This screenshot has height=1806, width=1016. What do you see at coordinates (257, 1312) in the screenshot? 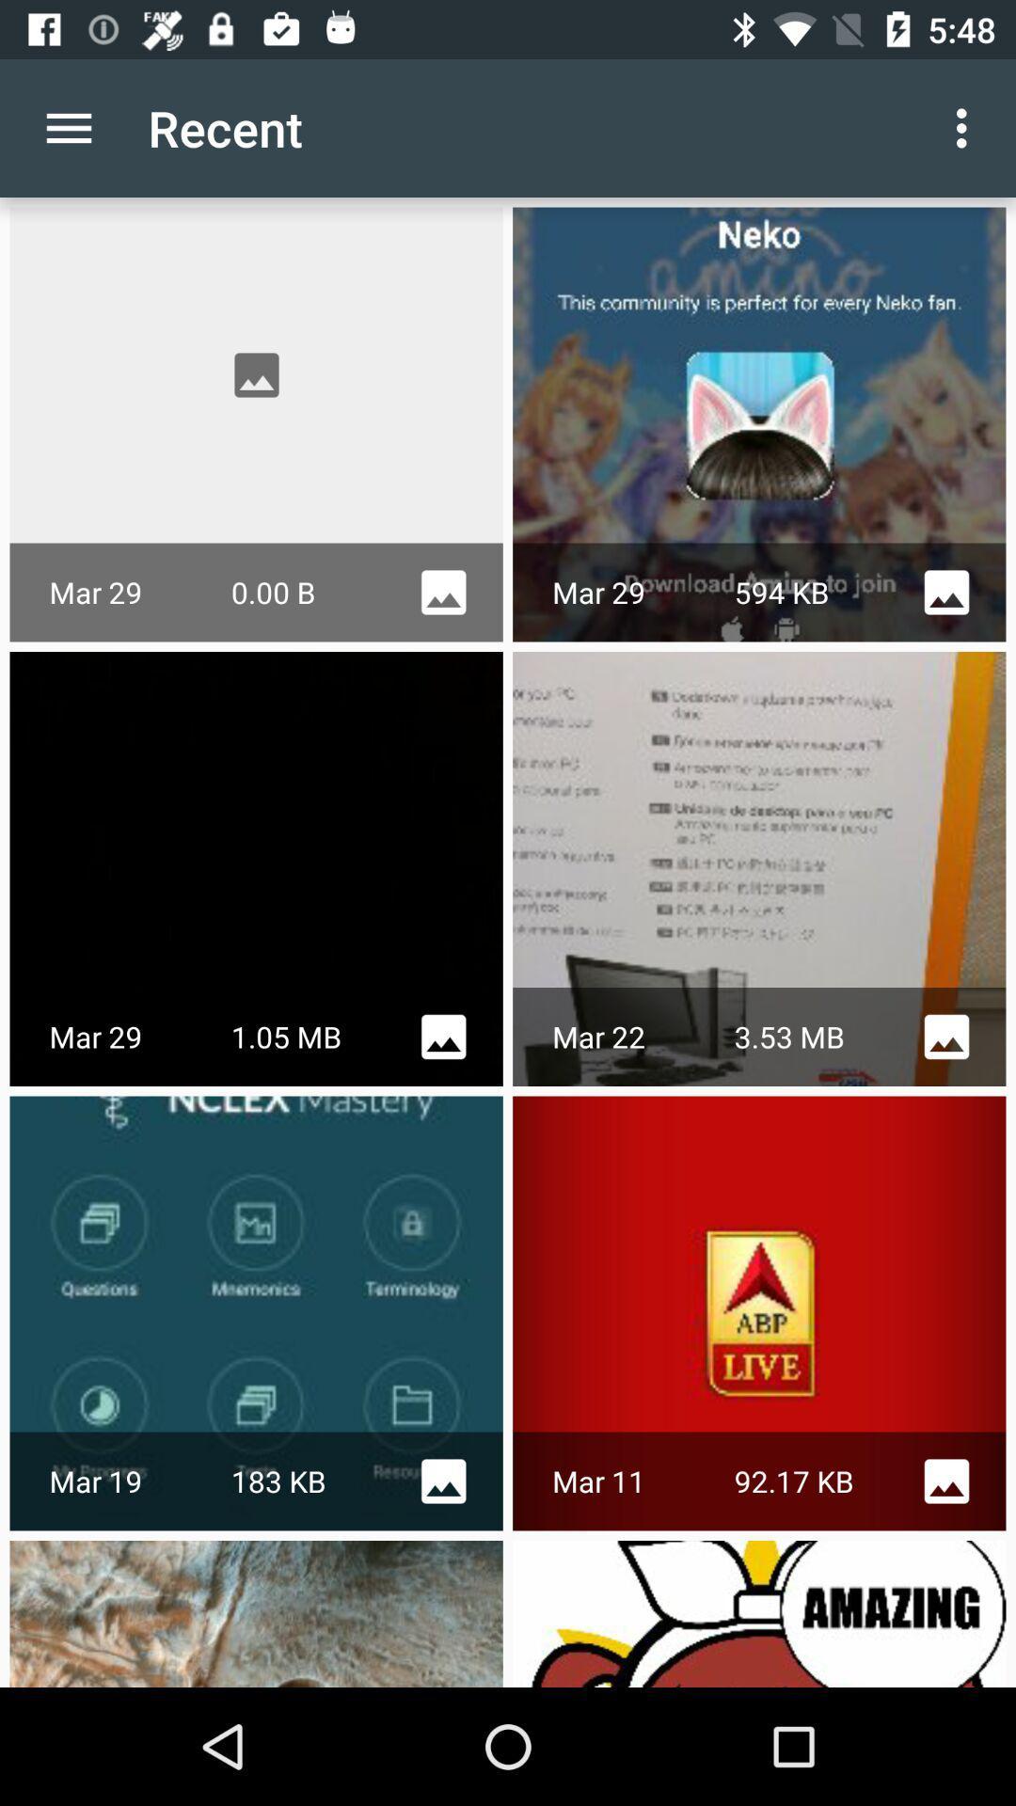
I see `fifth box from the top` at bounding box center [257, 1312].